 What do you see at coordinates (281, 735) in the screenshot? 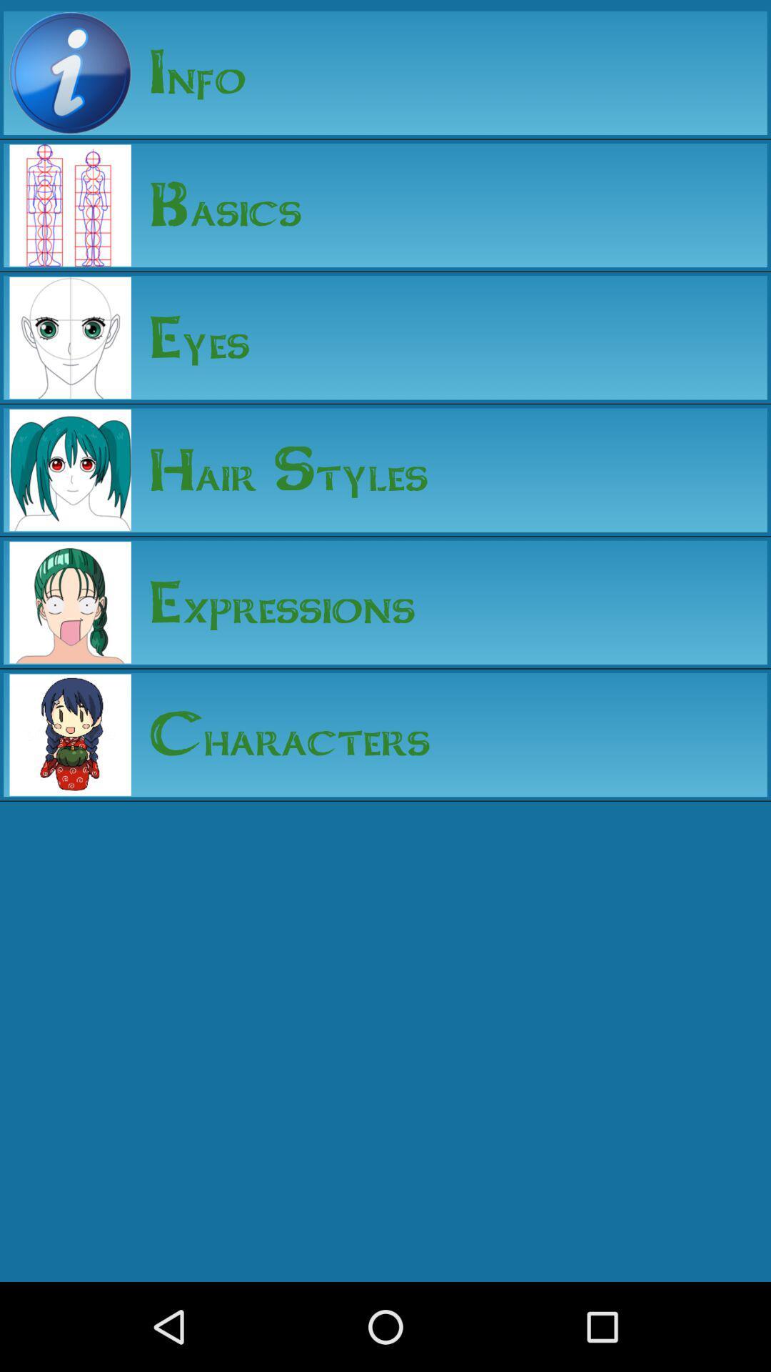
I see `characters app` at bounding box center [281, 735].